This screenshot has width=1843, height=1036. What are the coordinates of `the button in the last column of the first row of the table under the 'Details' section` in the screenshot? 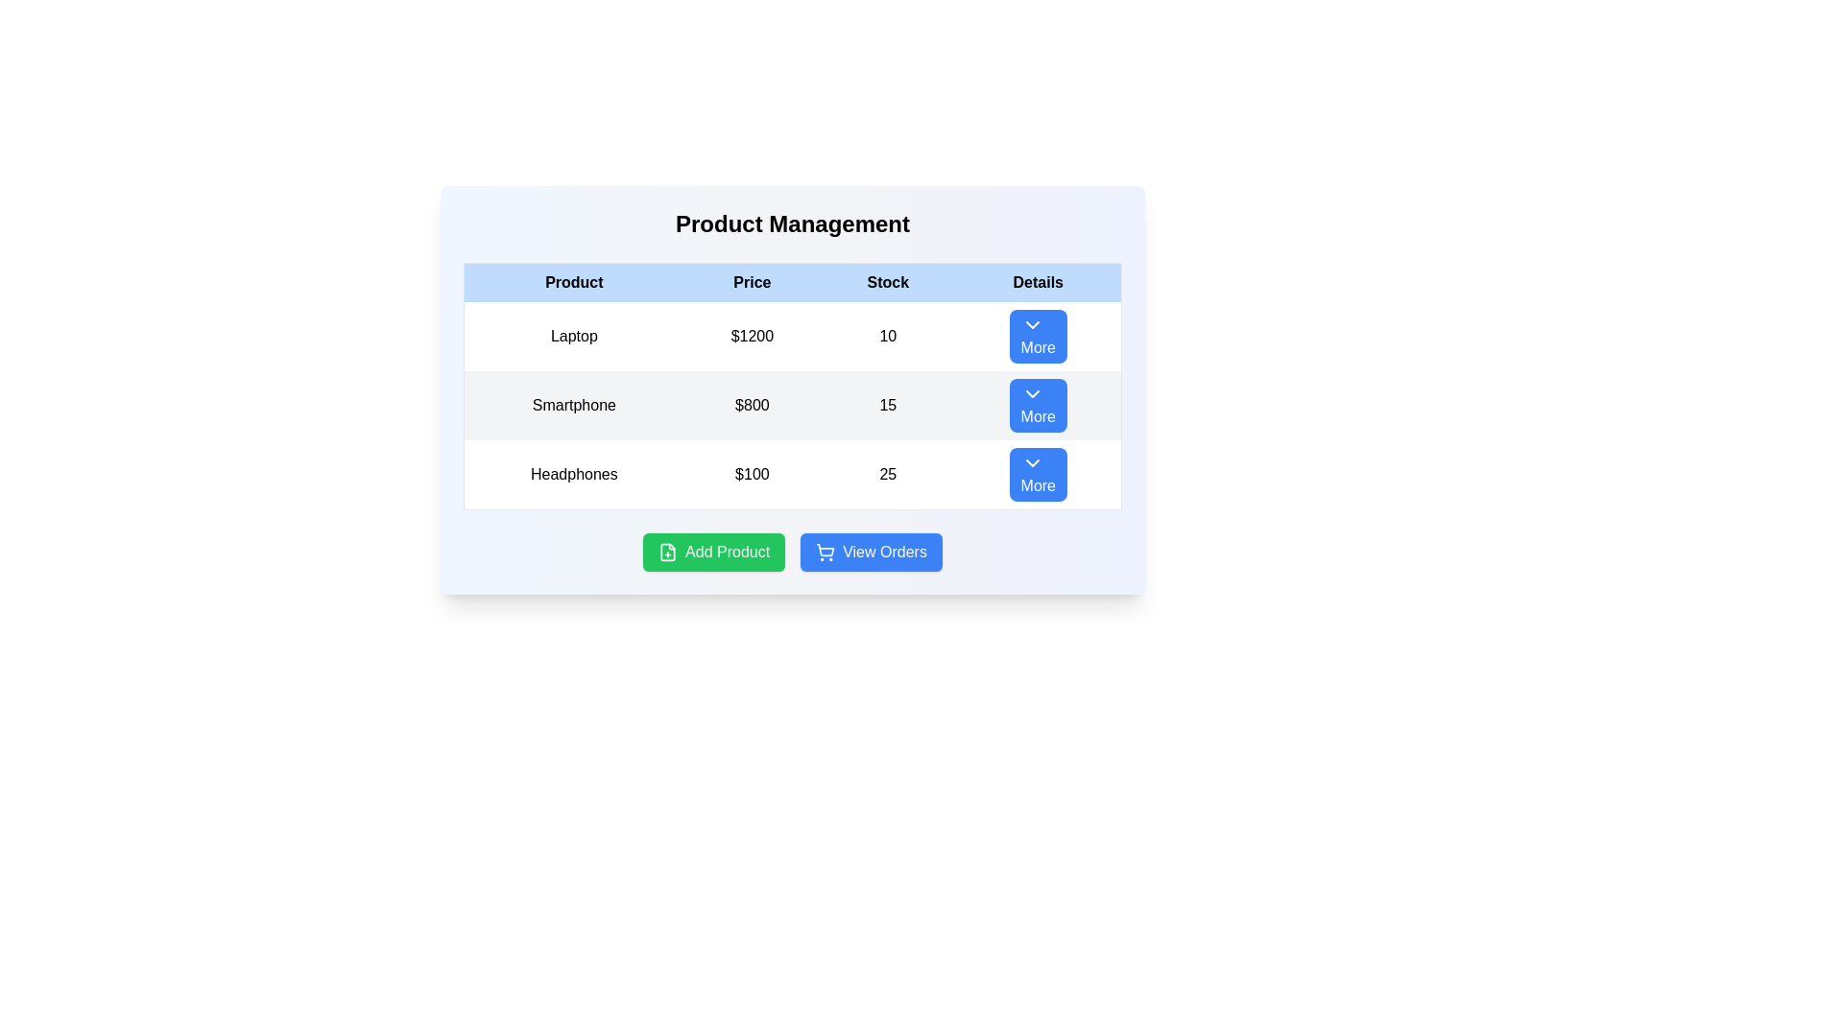 It's located at (1038, 336).